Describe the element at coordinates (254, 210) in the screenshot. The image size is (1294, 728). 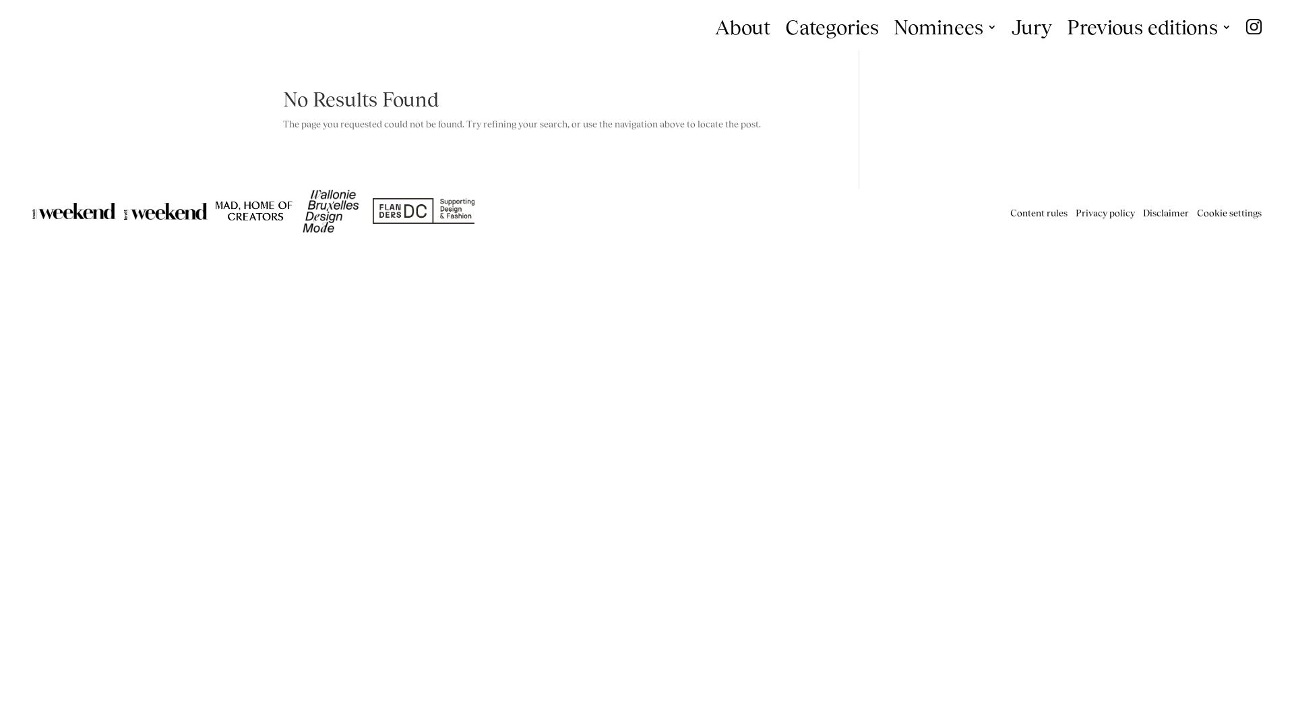
I see `'MAD'` at that location.